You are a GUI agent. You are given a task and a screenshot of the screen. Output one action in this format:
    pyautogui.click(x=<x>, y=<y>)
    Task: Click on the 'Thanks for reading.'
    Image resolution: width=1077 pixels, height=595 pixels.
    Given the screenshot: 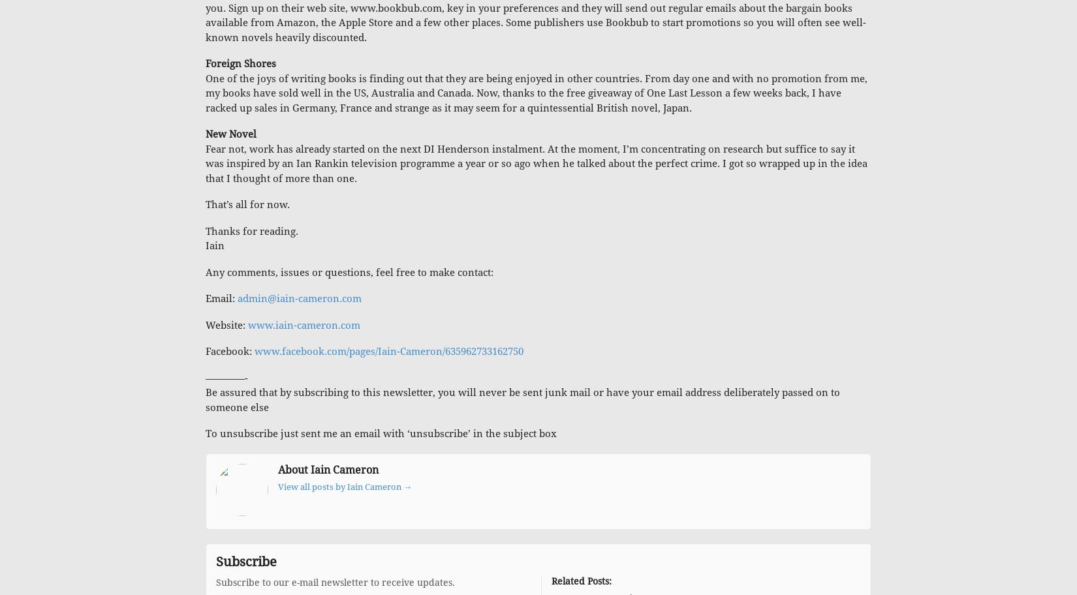 What is the action you would take?
    pyautogui.click(x=251, y=230)
    